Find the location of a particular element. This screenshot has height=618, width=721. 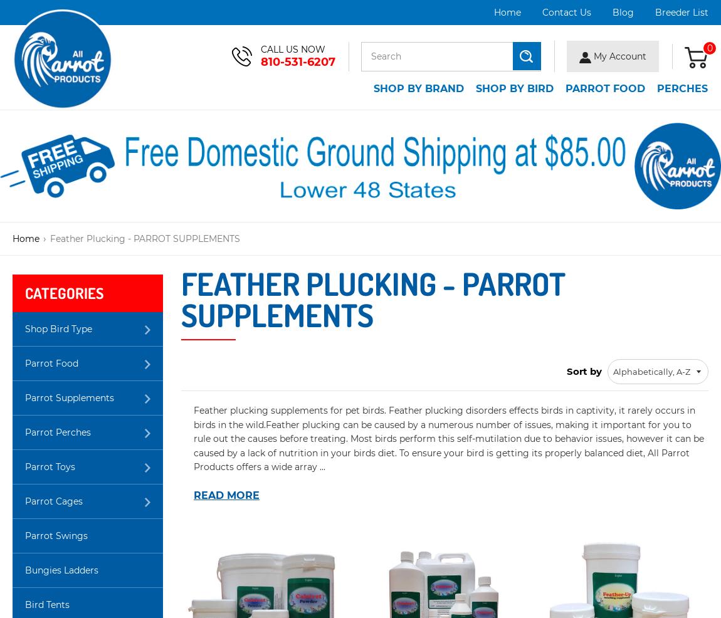

'Feather plucking supplements for pet birds. Feather plucking disorders effects birds in captivity, it rarely occurs in birds in the wild.Feather plucking can be caused by a numerous number of issues, making it important for you to rule out the causes before treating. Most birds perform this self-mutilation due to behavior issues, however it can be caused by a lack of nutrition in your birds diet. To ensure your bird is getting its properly balanced diet,  All Parrot Products offers a wide array ...' is located at coordinates (448, 437).